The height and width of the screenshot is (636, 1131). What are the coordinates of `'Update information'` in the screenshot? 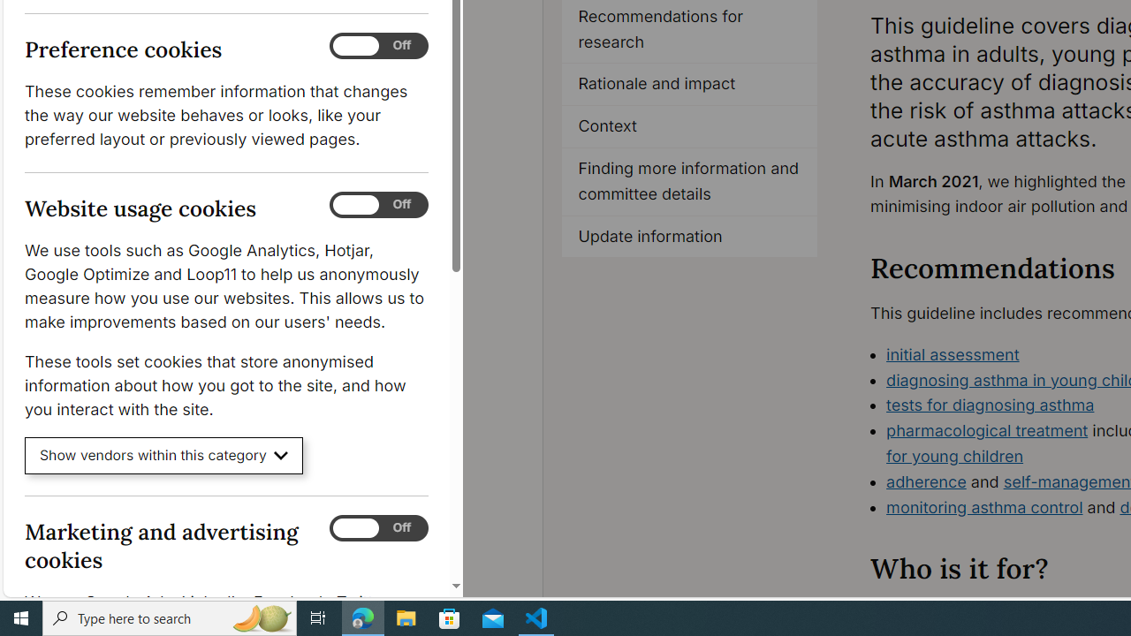 It's located at (689, 236).